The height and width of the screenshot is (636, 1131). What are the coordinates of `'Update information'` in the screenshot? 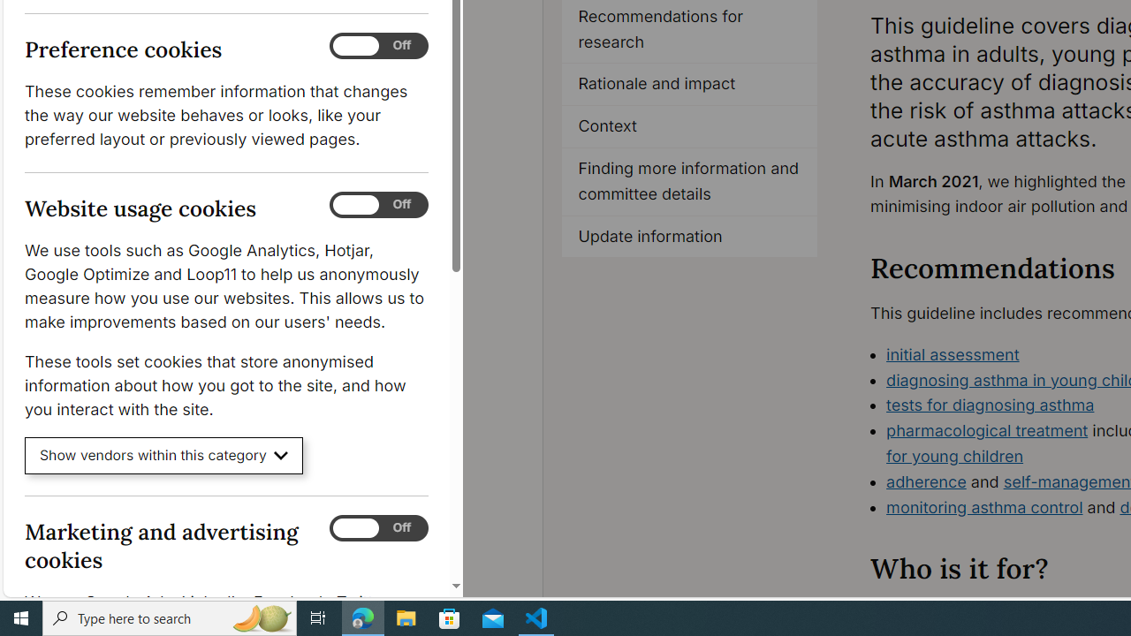 It's located at (689, 236).